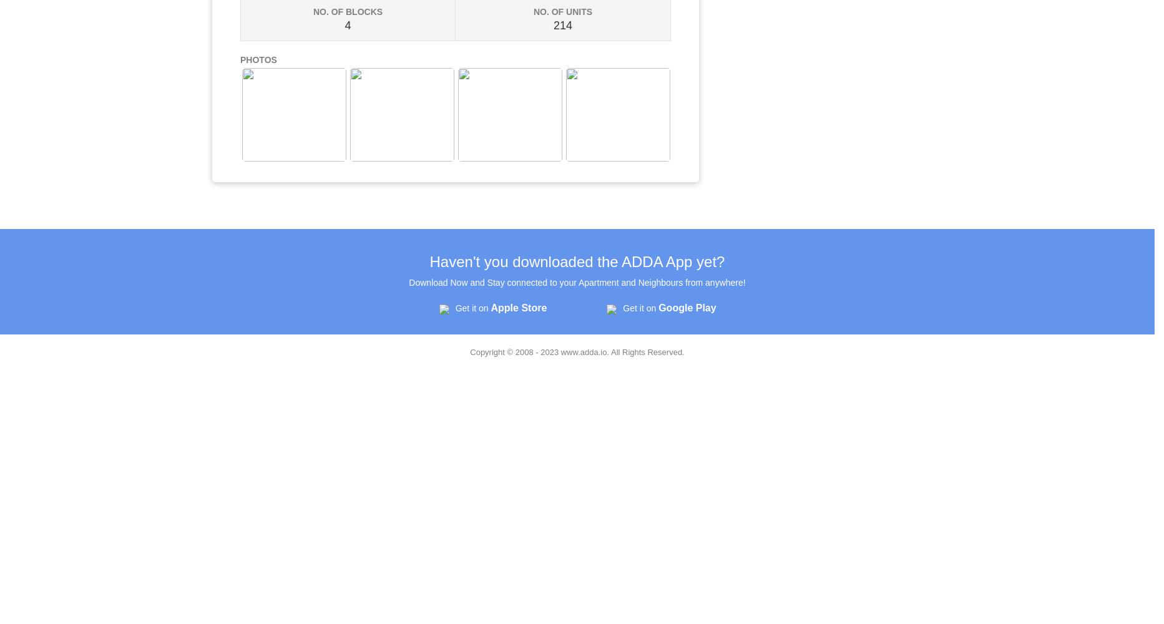 The width and height of the screenshot is (1164, 624). Describe the element at coordinates (645, 351) in the screenshot. I see `'. All Rights
                Reserved.'` at that location.